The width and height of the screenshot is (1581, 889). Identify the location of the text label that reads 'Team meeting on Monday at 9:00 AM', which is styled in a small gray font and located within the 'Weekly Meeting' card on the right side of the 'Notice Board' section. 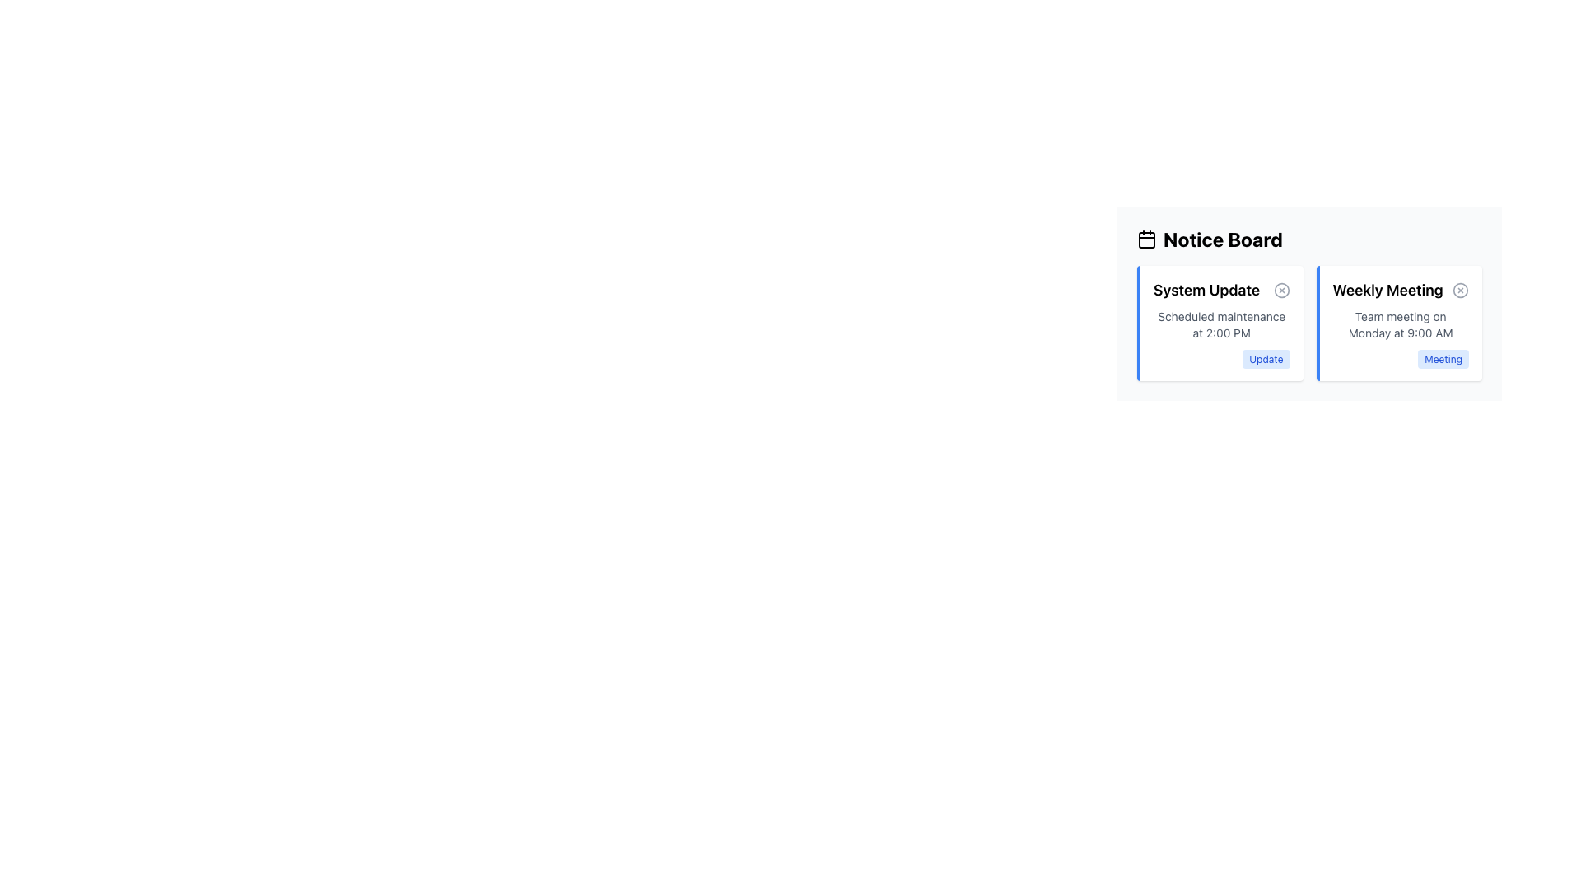
(1400, 324).